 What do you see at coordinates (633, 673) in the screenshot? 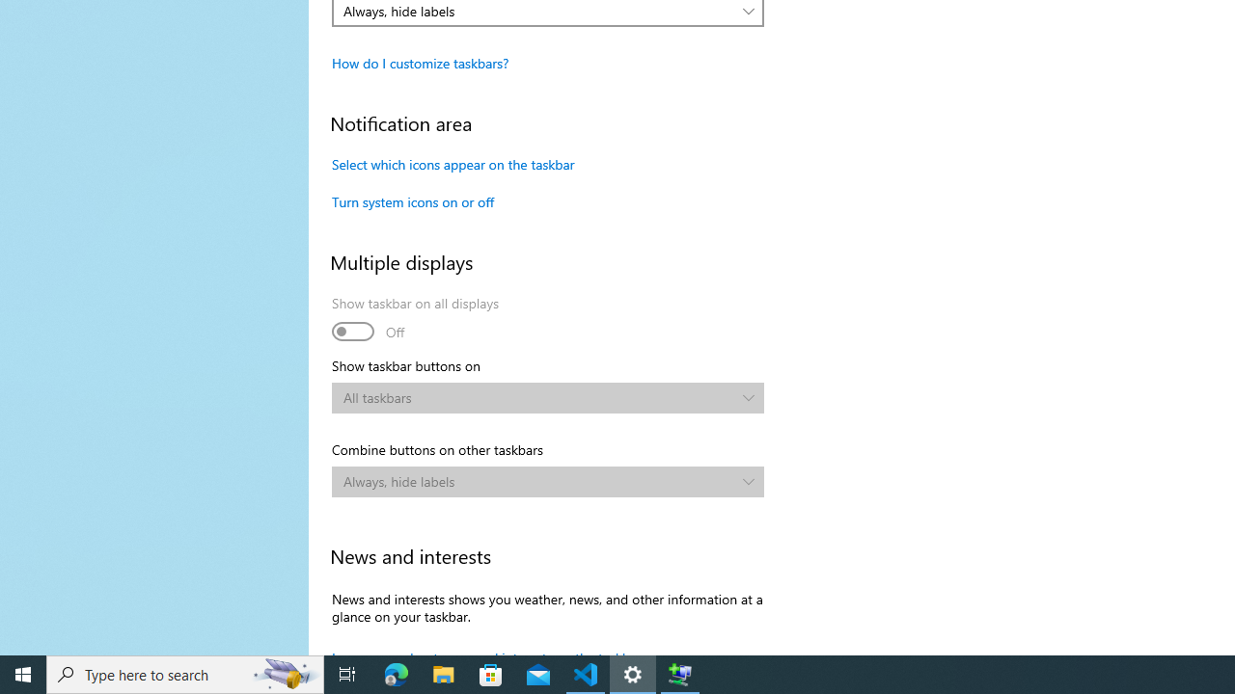
I see `'Settings - 1 running window'` at bounding box center [633, 673].